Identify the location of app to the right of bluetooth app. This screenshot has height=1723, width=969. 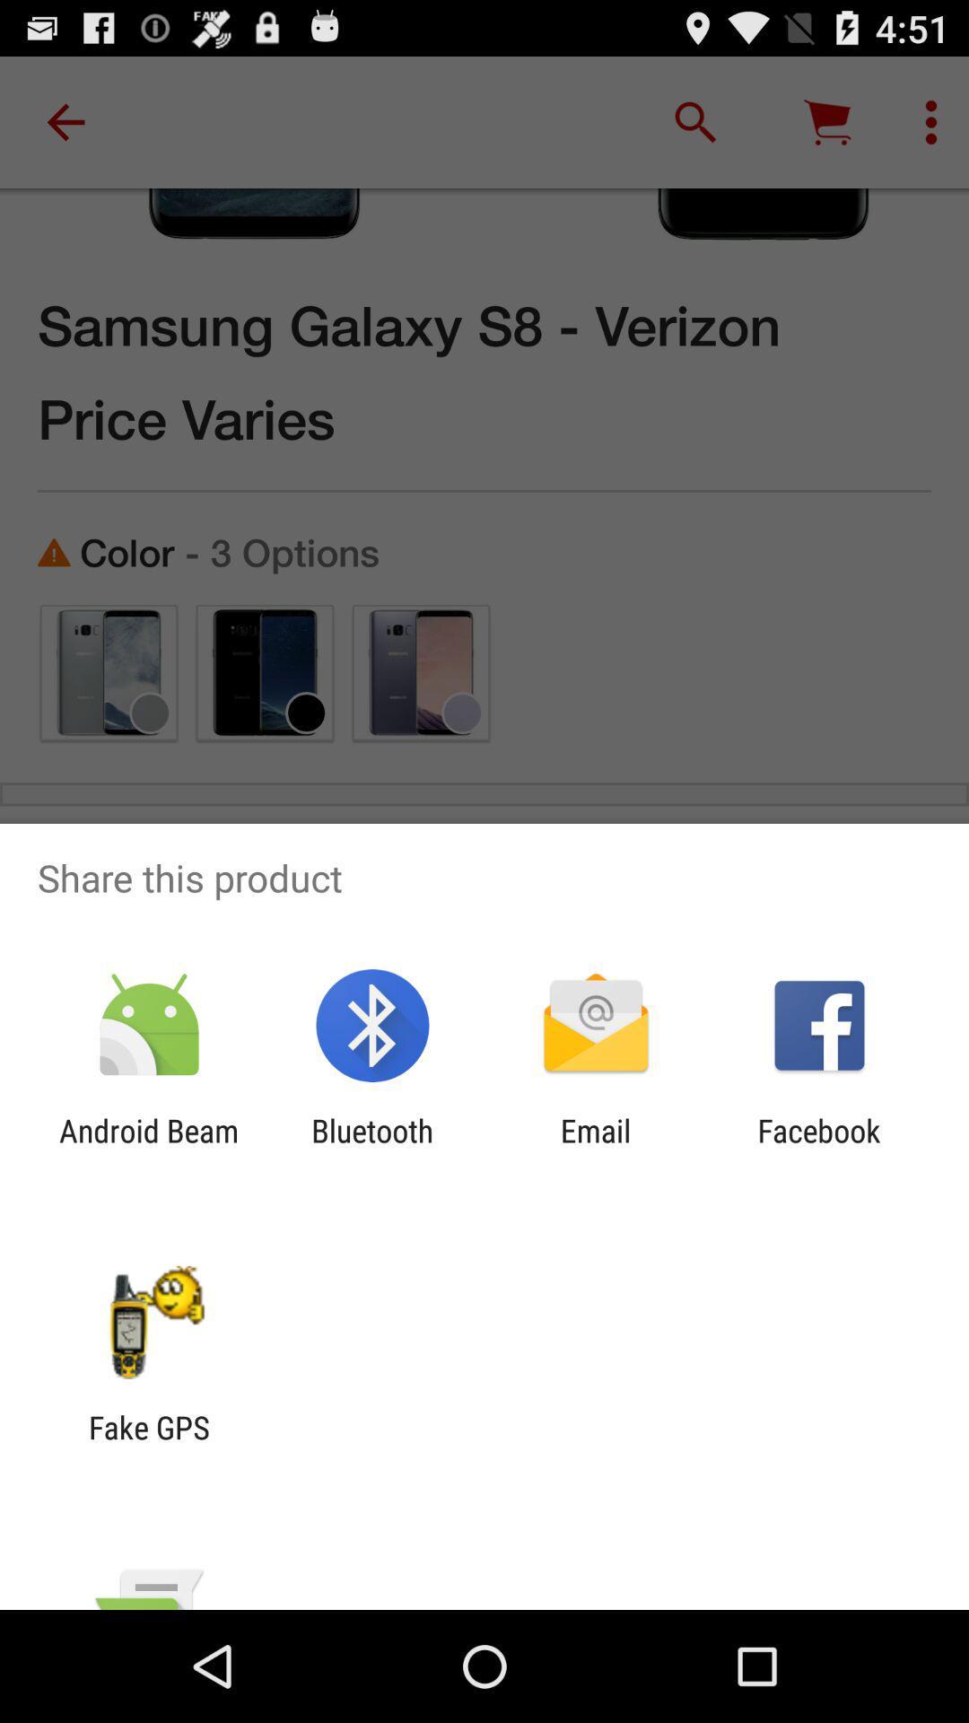
(596, 1150).